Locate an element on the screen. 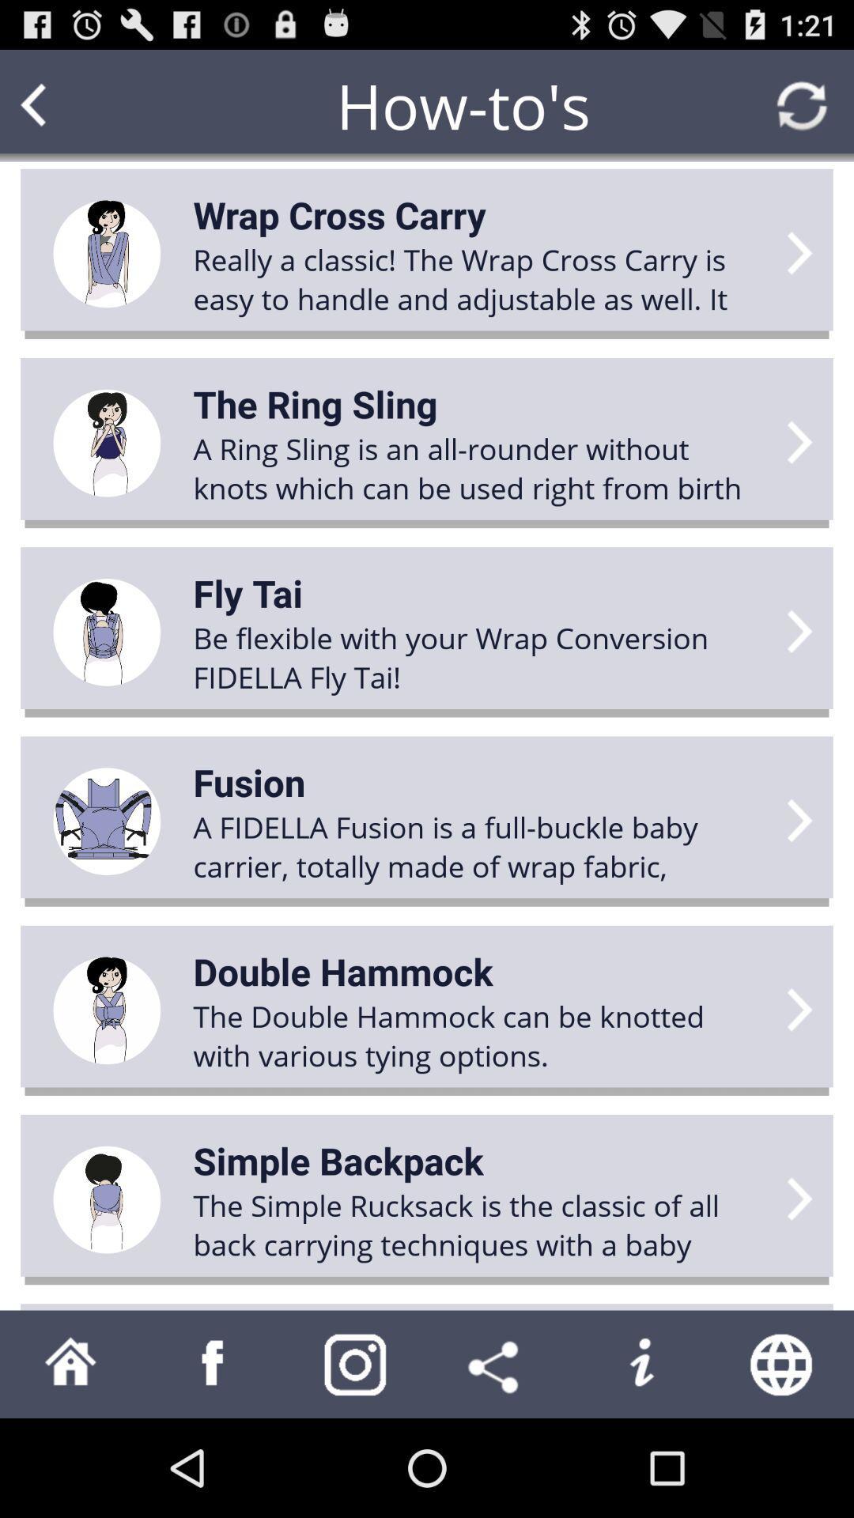  the app below the the simple rucksack is located at coordinates (497, 1363).